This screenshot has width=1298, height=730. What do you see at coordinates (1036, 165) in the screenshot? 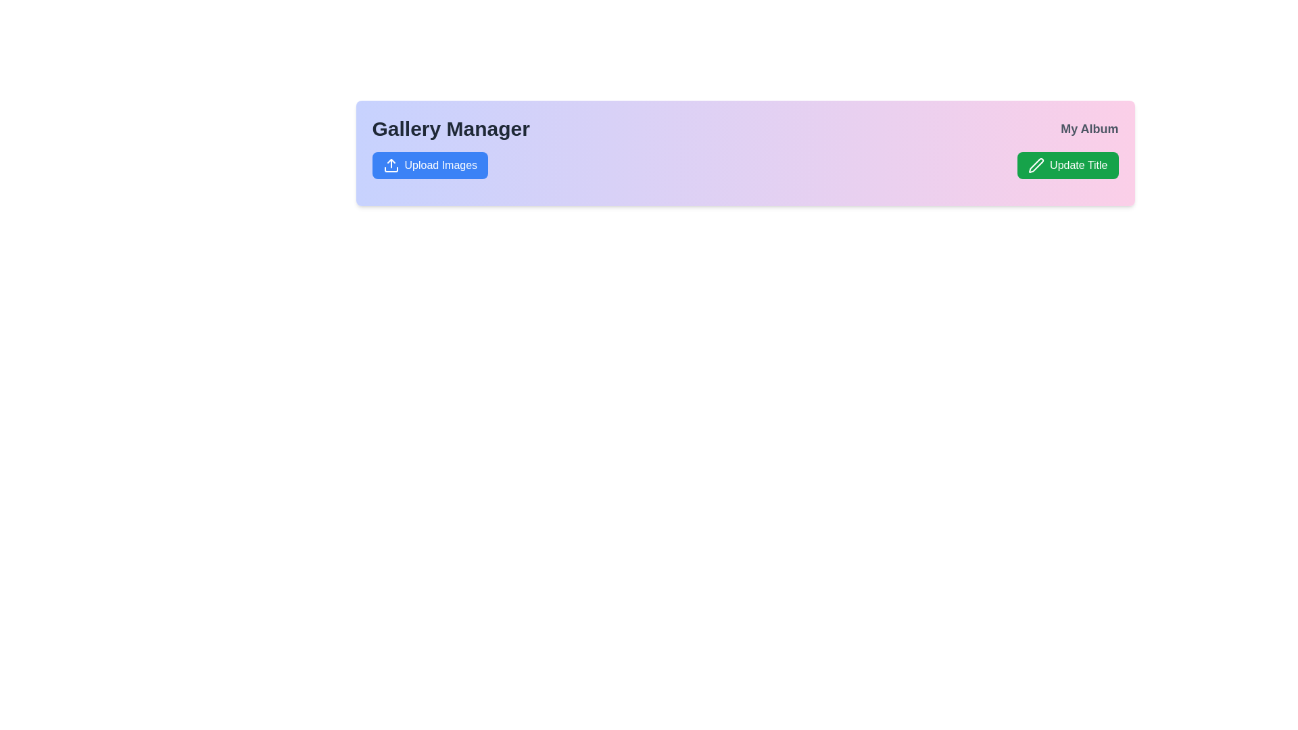
I see `the small pen icon with a white outline inside the 'Update Title' button, located at the top-right corner of the interface` at bounding box center [1036, 165].